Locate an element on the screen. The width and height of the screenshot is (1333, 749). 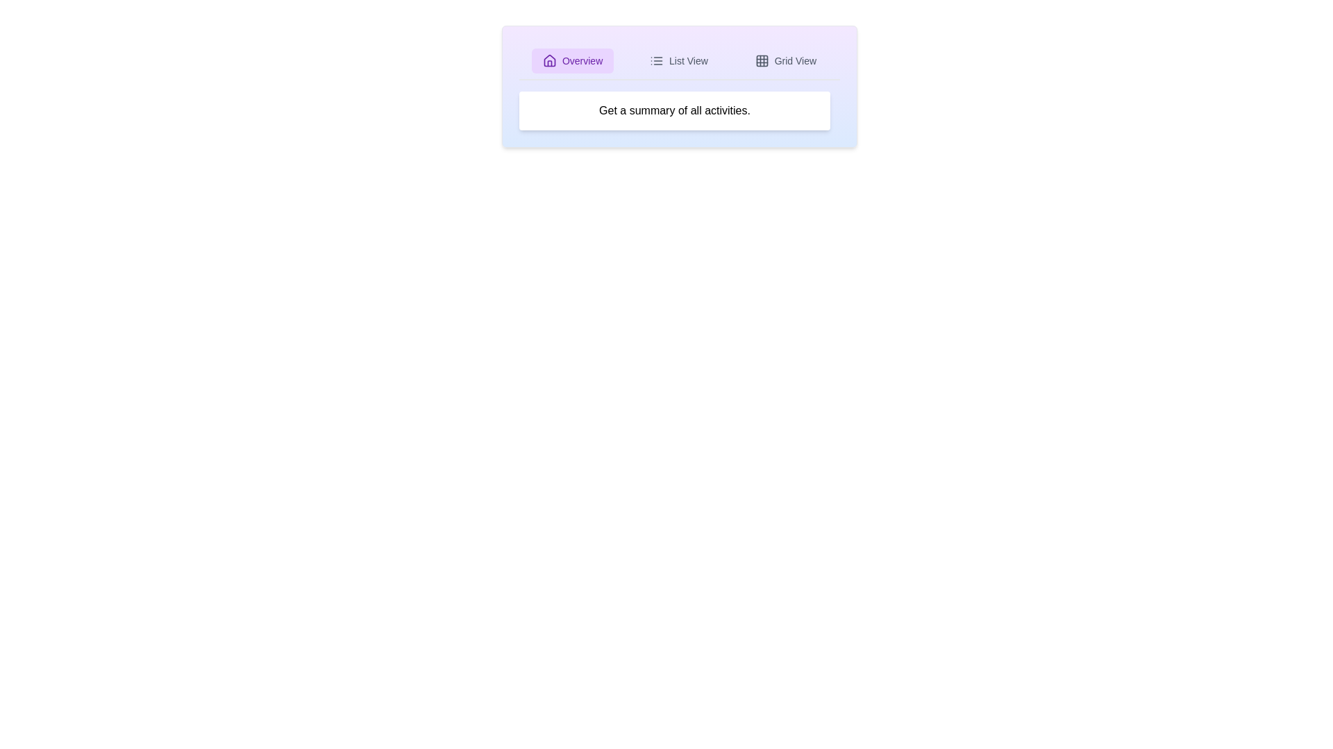
the Grid View tab by clicking on the respective tab button is located at coordinates (785, 60).